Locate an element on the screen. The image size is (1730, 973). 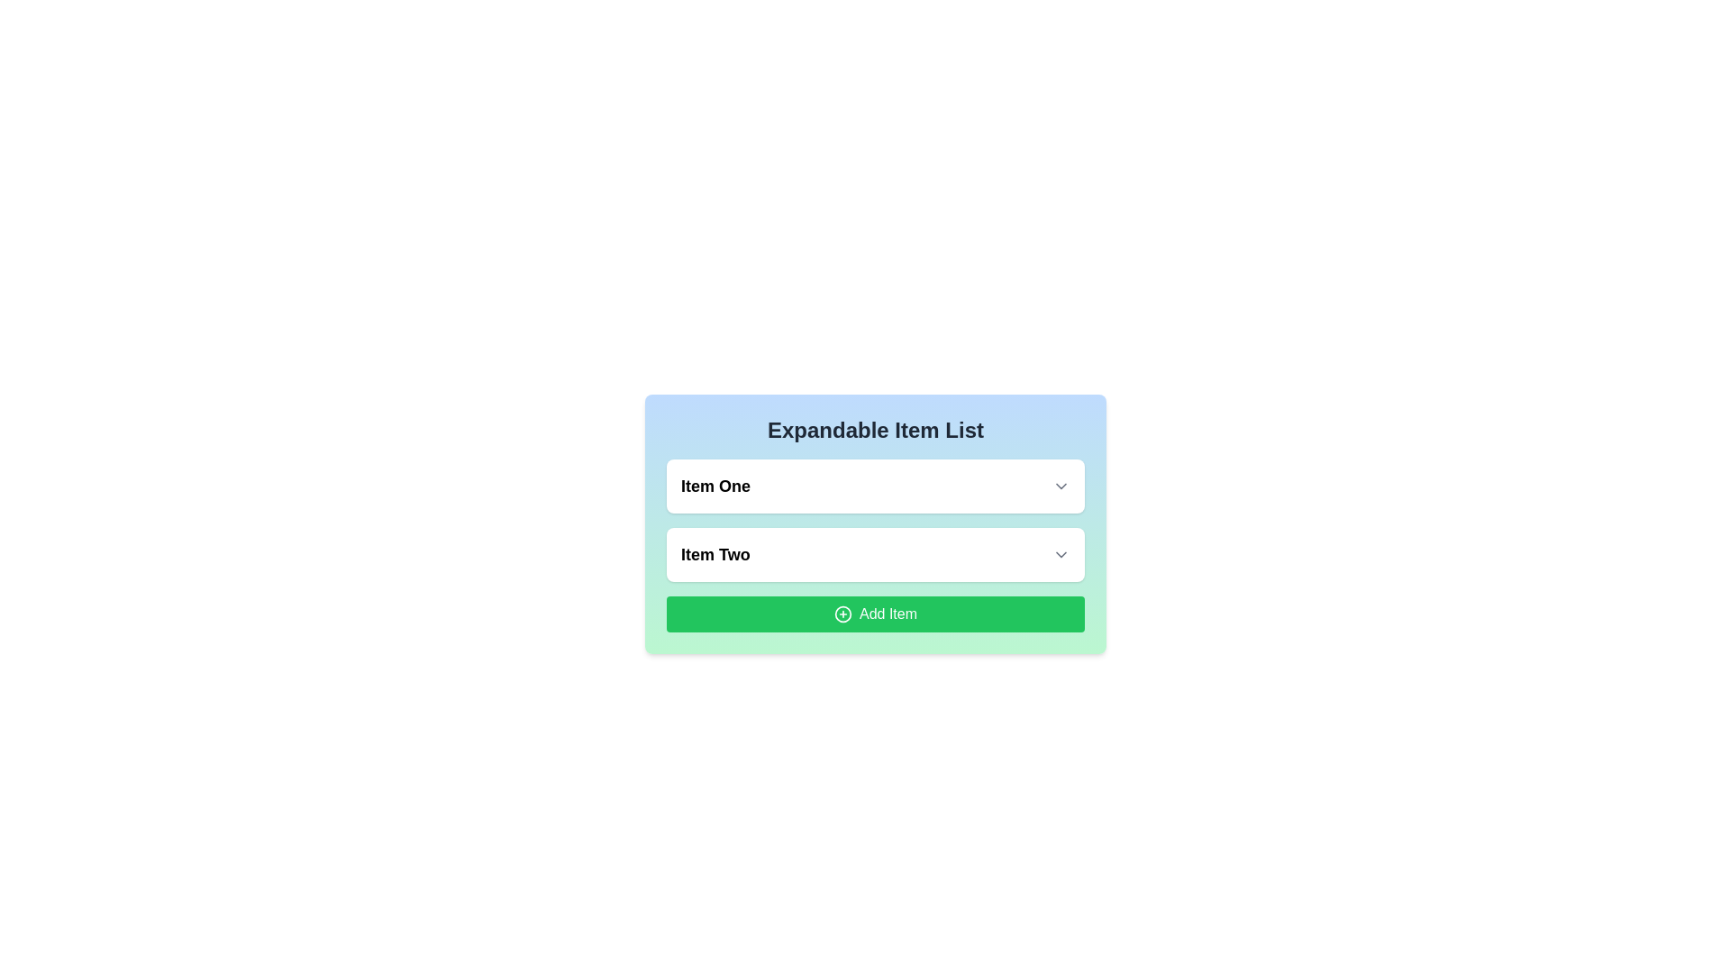
the Icon Button located at the far-right end of the 'Item Two' entry to change its color is located at coordinates (1061, 554).